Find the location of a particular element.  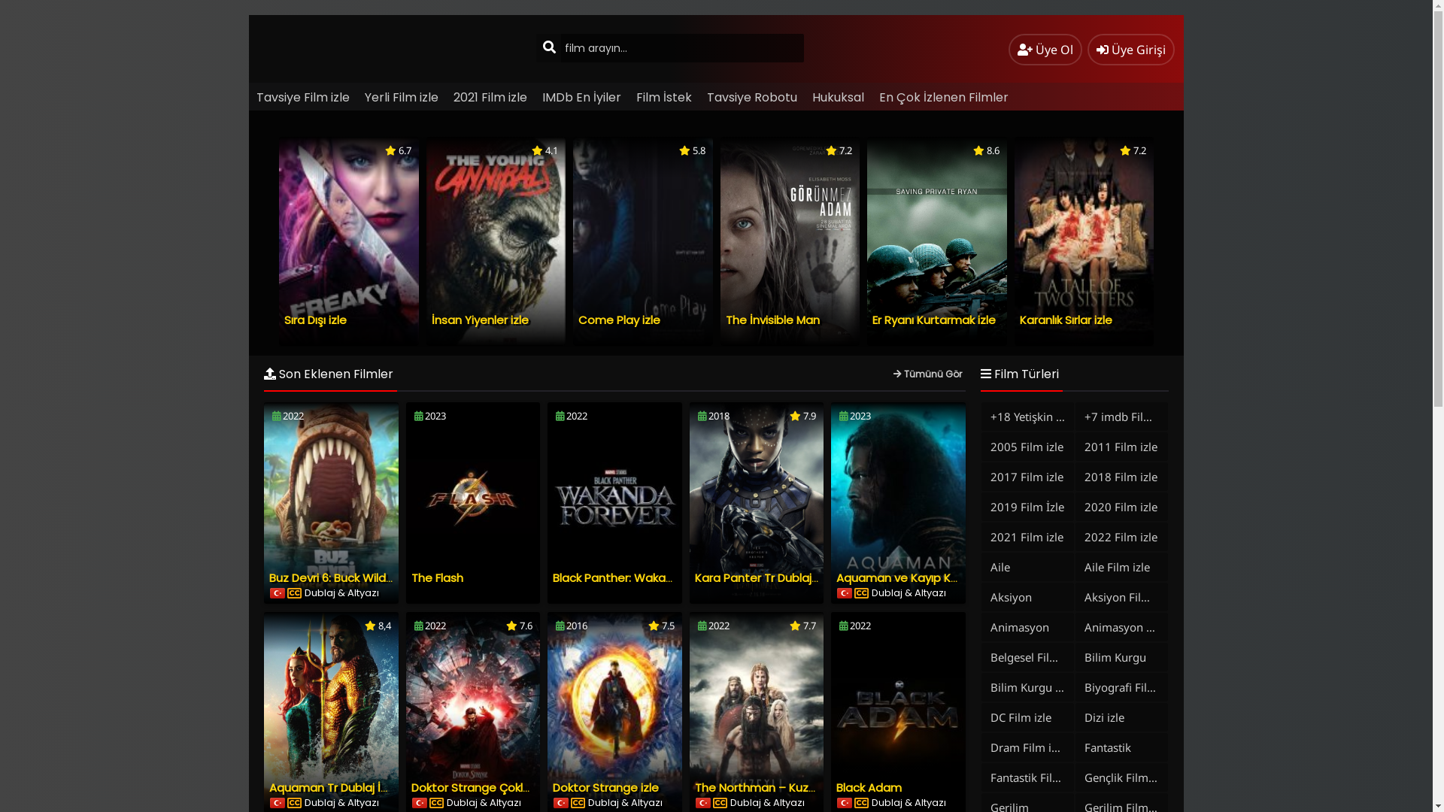

'Come Play izle' is located at coordinates (619, 319).